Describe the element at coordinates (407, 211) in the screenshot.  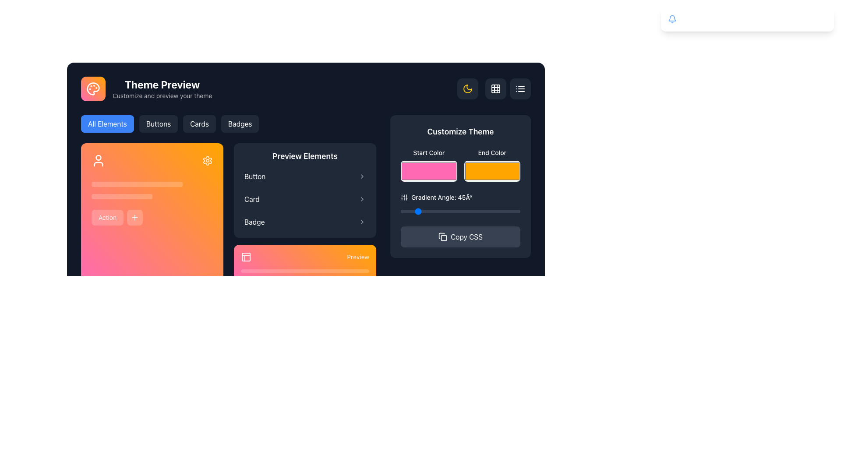
I see `the gradient angle` at that location.